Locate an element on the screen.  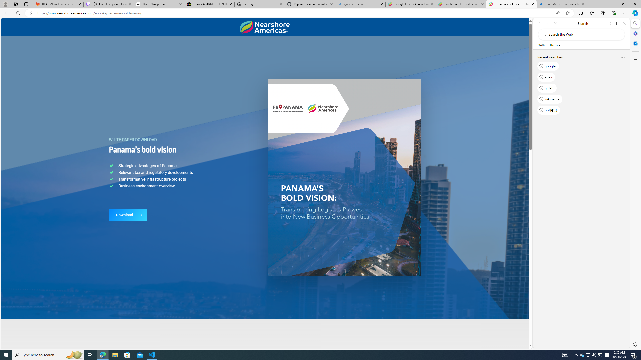
'Class: center' is located at coordinates (264, 27).